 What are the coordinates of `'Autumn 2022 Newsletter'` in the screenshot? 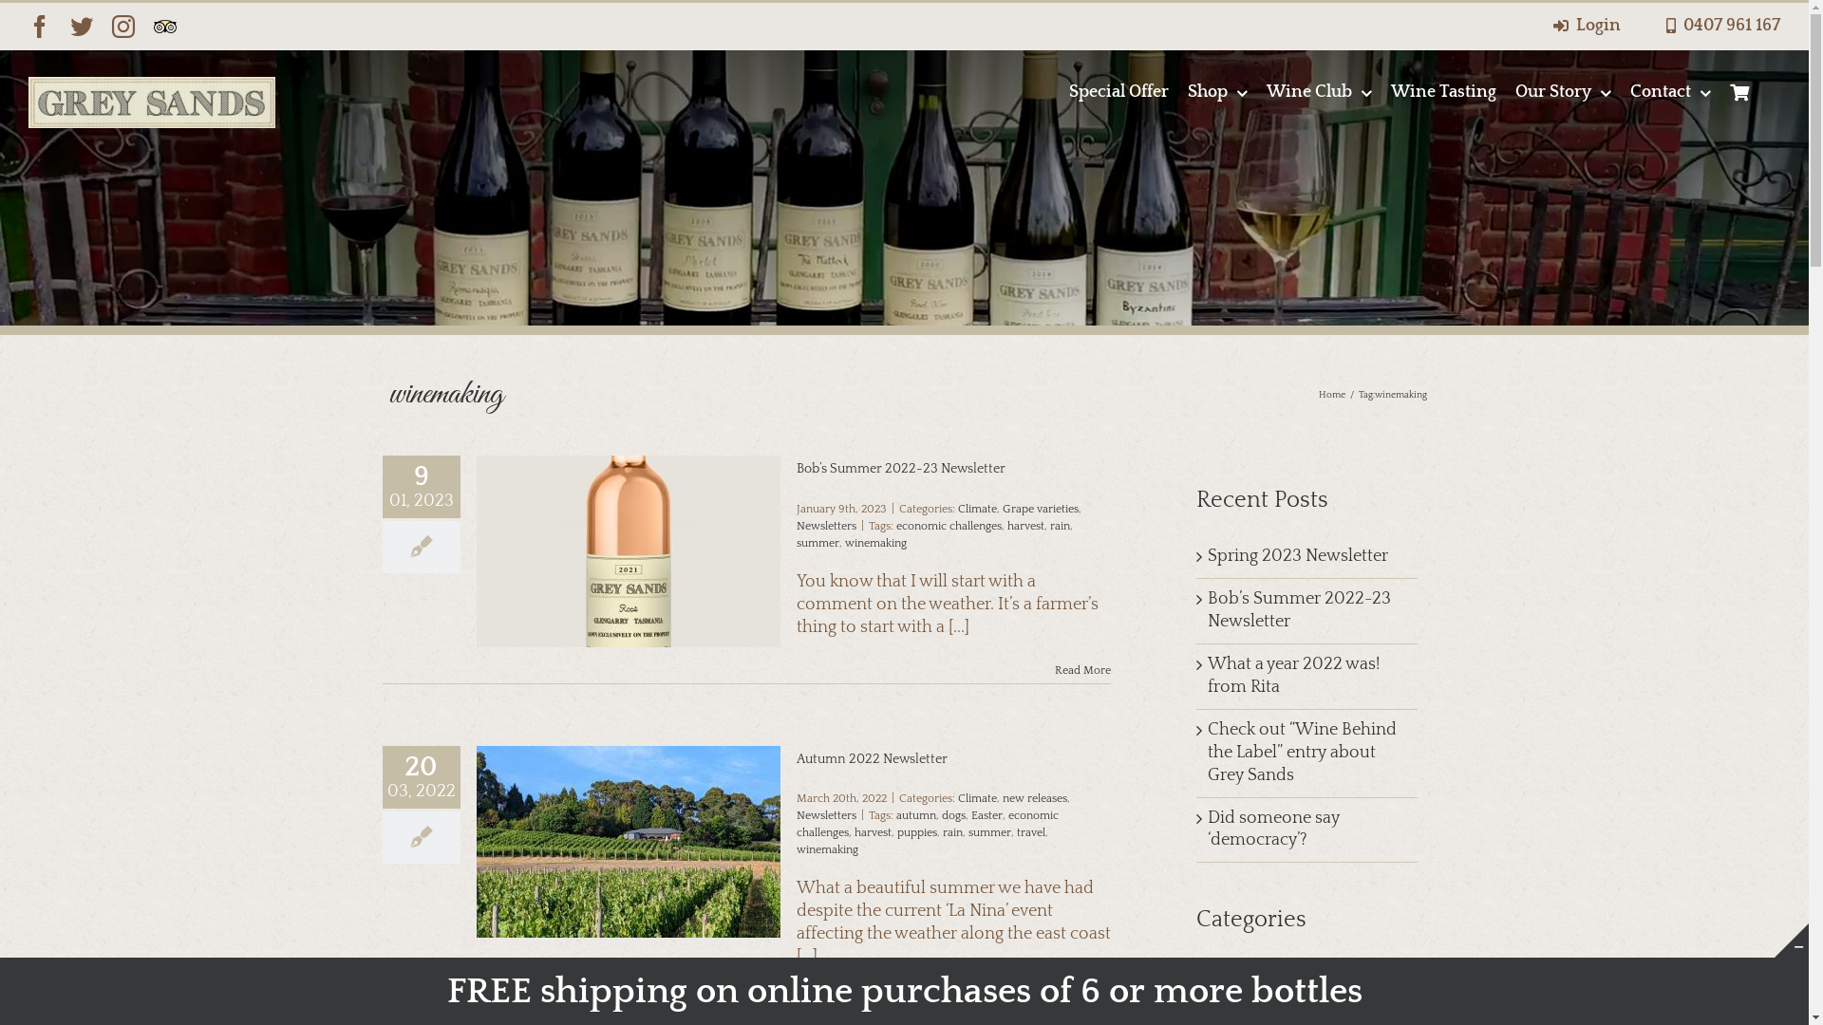 It's located at (870, 757).